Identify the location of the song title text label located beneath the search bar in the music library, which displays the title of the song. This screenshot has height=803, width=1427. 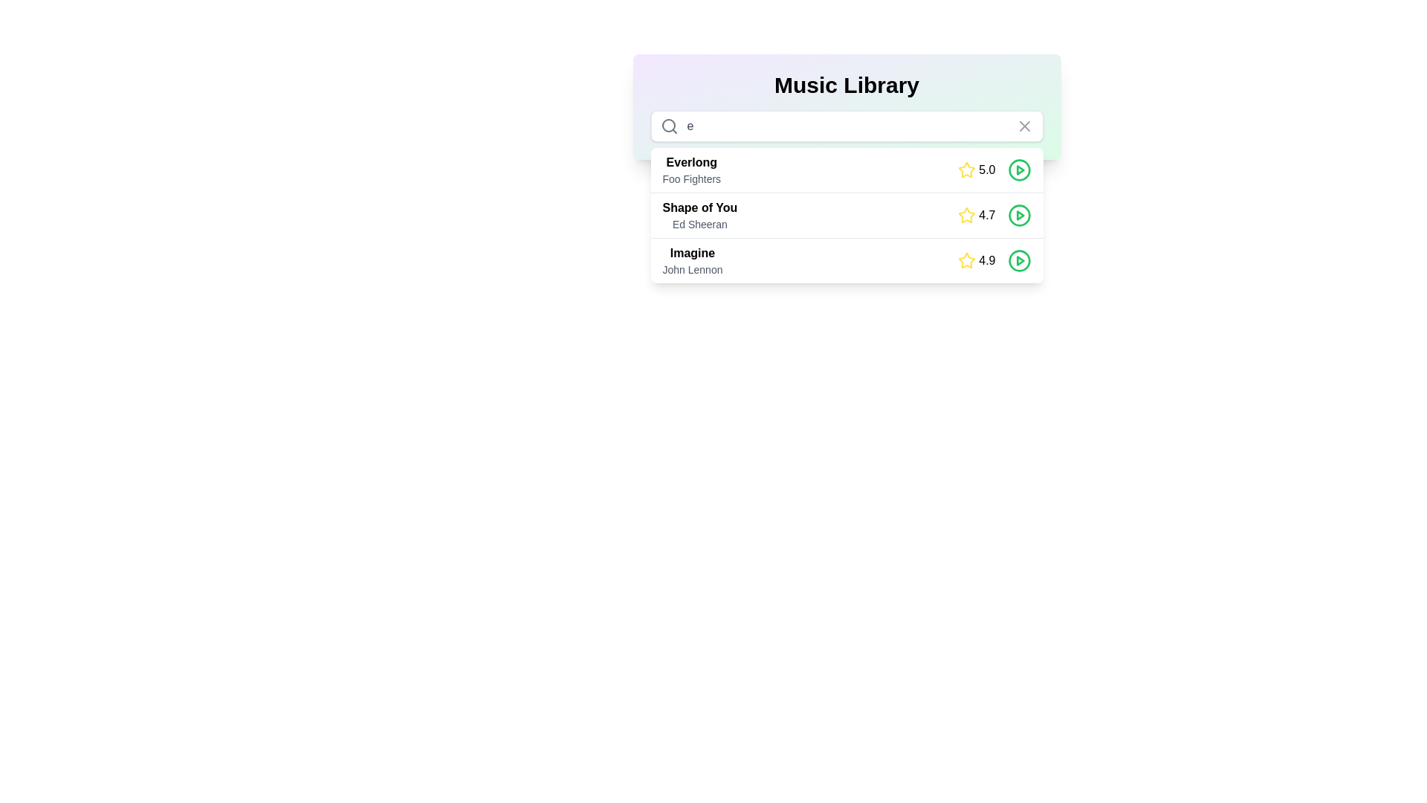
(690, 163).